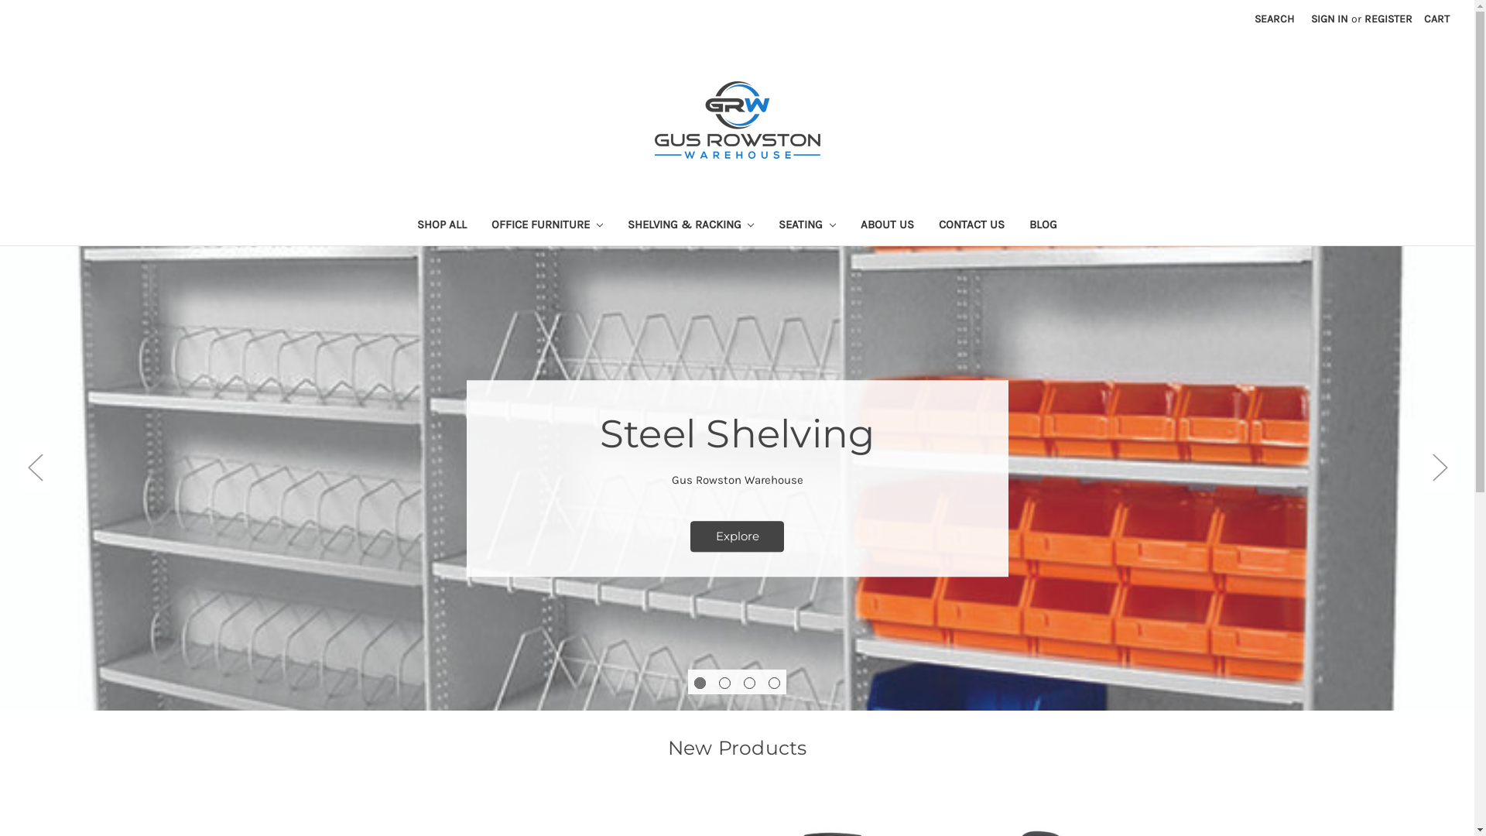  Describe the element at coordinates (887, 226) in the screenshot. I see `'ABOUT US'` at that location.